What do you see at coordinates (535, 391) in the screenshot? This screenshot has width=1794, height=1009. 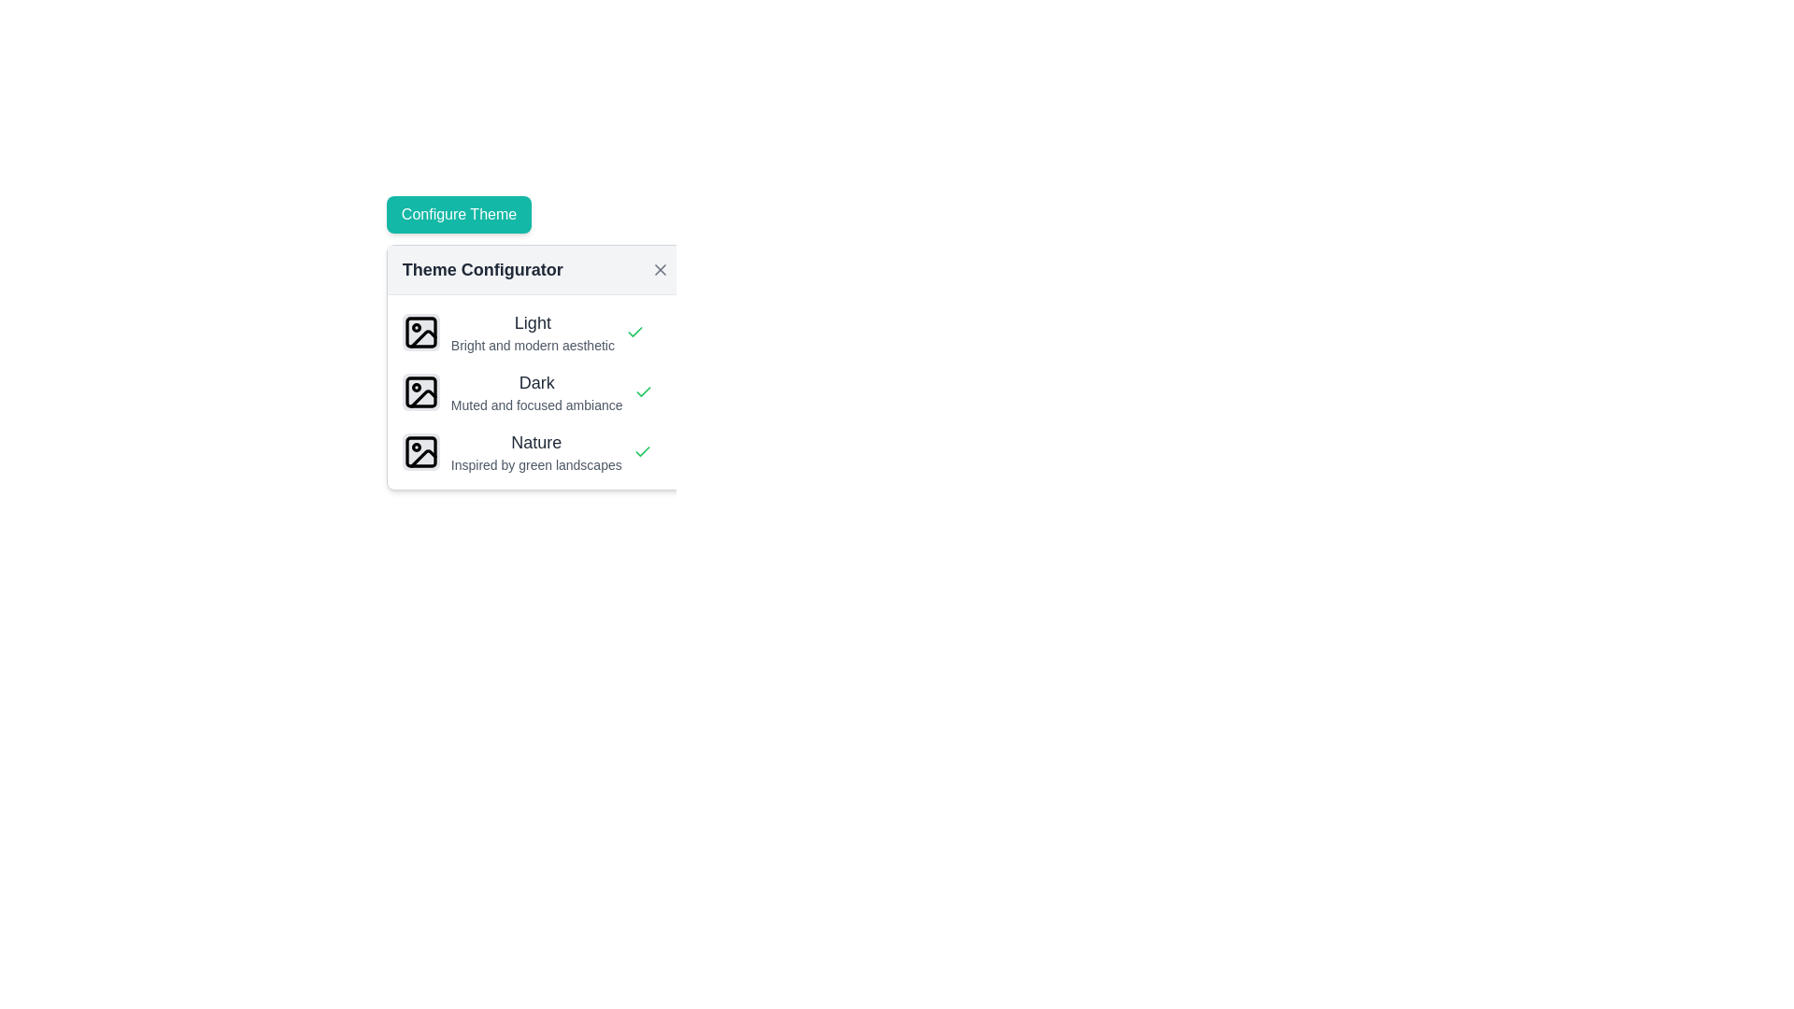 I see `the text content of the 'Dark' theme label, which describes it as 'Muted and focused ambiance' in the Theme Configurator popup` at bounding box center [535, 391].